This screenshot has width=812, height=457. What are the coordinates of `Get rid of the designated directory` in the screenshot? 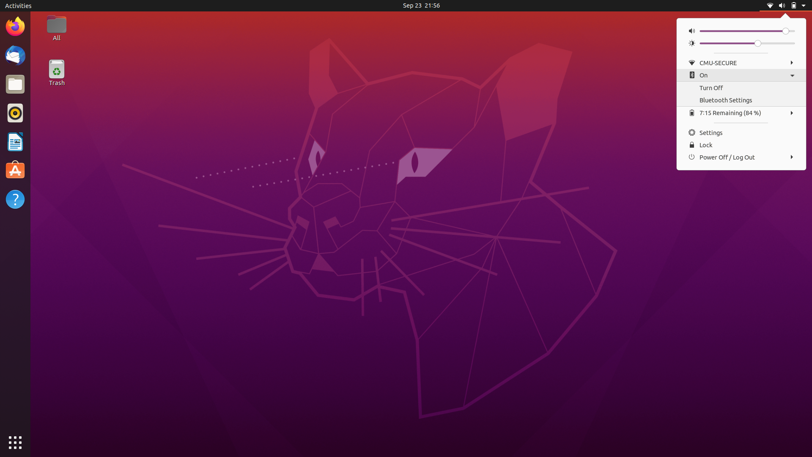 It's located at (110026, 32447).